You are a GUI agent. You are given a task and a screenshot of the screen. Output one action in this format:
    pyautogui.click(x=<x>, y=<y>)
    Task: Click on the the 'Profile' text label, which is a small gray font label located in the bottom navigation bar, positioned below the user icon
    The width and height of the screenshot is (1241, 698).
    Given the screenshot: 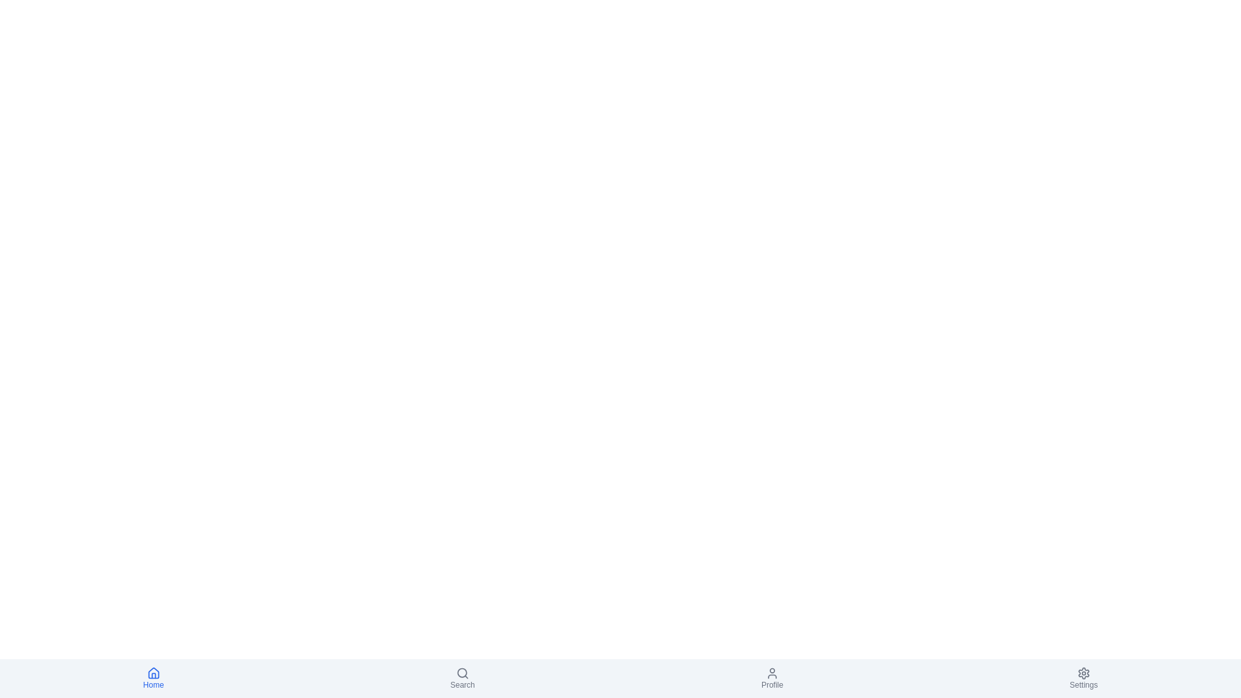 What is the action you would take?
    pyautogui.click(x=772, y=684)
    